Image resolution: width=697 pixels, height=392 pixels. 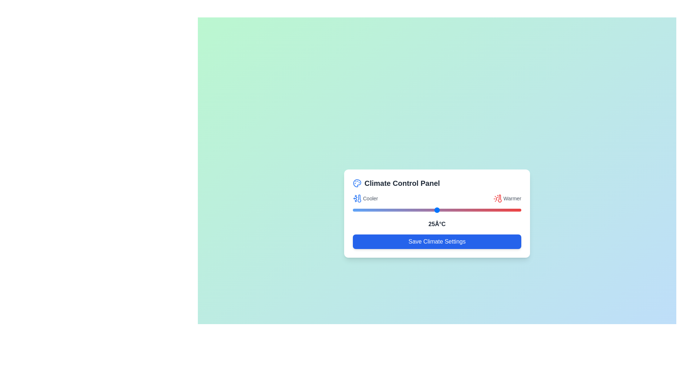 What do you see at coordinates (474, 210) in the screenshot?
I see `the temperature slider to set the temperature to 36°C` at bounding box center [474, 210].